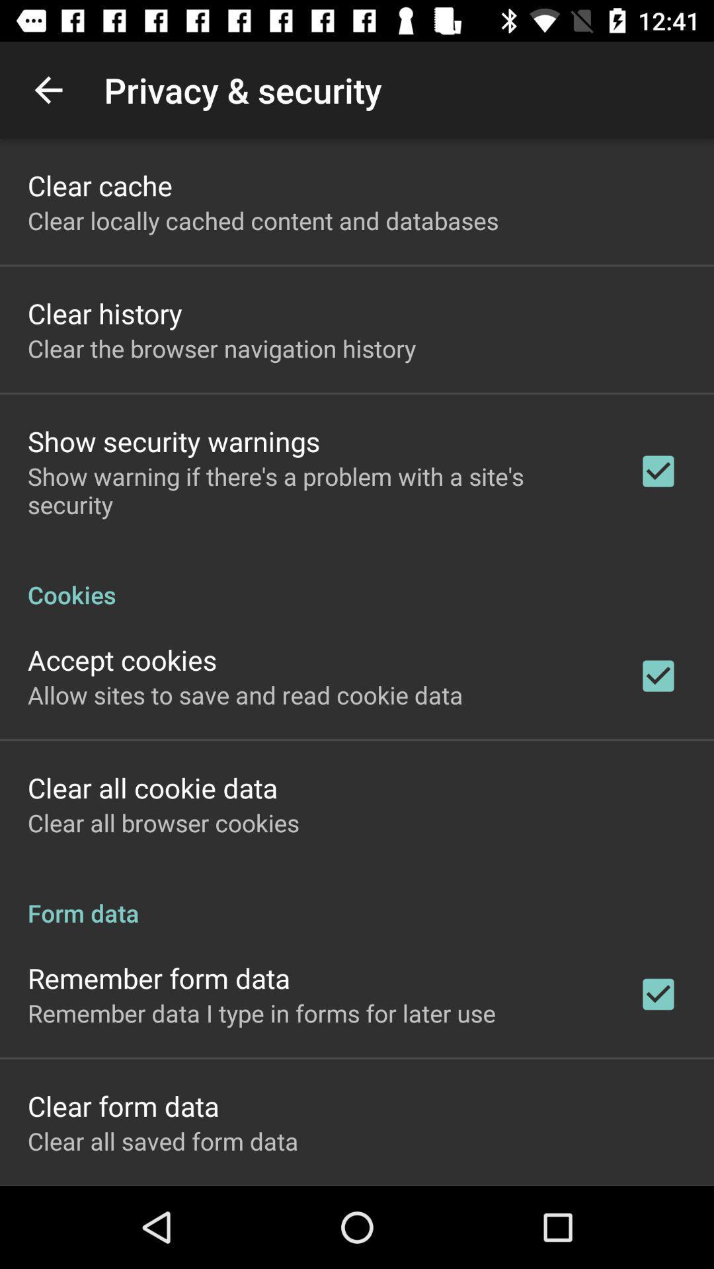 Image resolution: width=714 pixels, height=1269 pixels. I want to click on the accept cookies icon, so click(122, 660).